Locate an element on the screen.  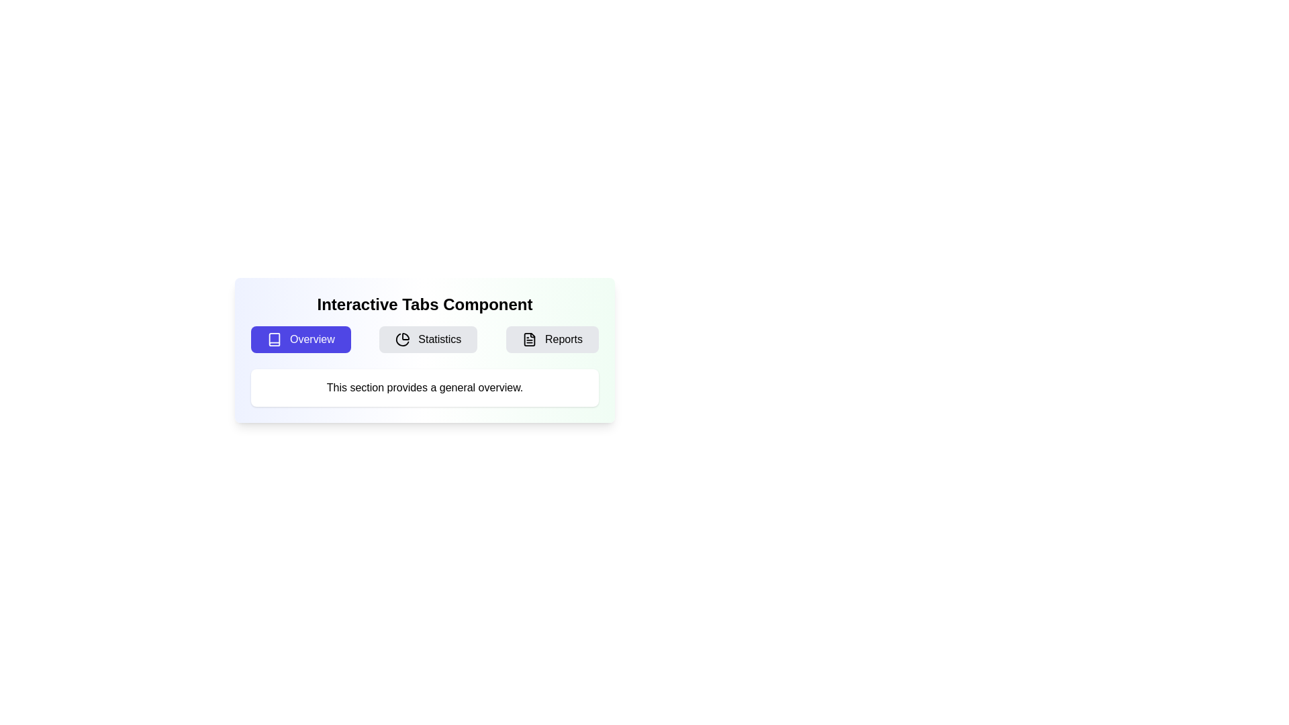
the 'Overview' tab icon, which is located at the leftmost position of the 'Overview' tab button, adjacent to the textual label 'Overview' is located at coordinates (273, 338).